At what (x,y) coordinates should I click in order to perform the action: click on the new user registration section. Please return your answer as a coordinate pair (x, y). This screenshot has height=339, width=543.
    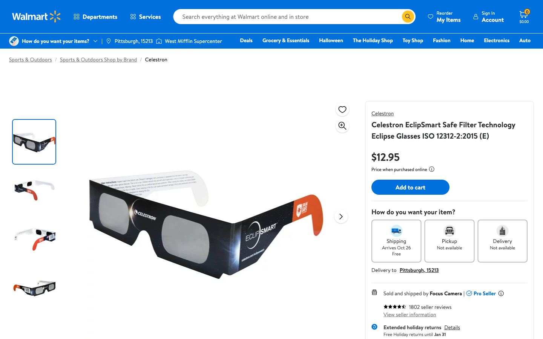
    Looking at the image, I should click on (488, 16).